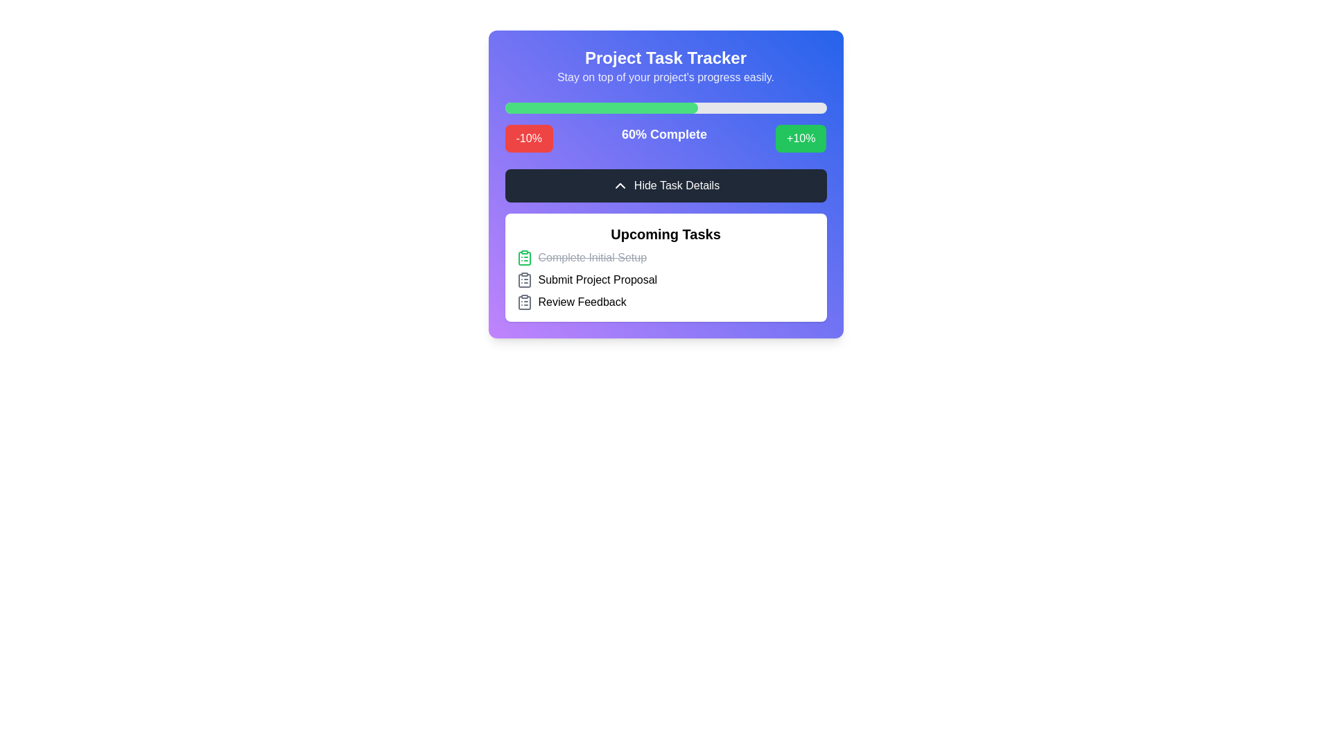 The width and height of the screenshot is (1331, 749). Describe the element at coordinates (665, 234) in the screenshot. I see `header text that categorizes the section above the task list, which is centrally aligned within a rounded white box` at that location.